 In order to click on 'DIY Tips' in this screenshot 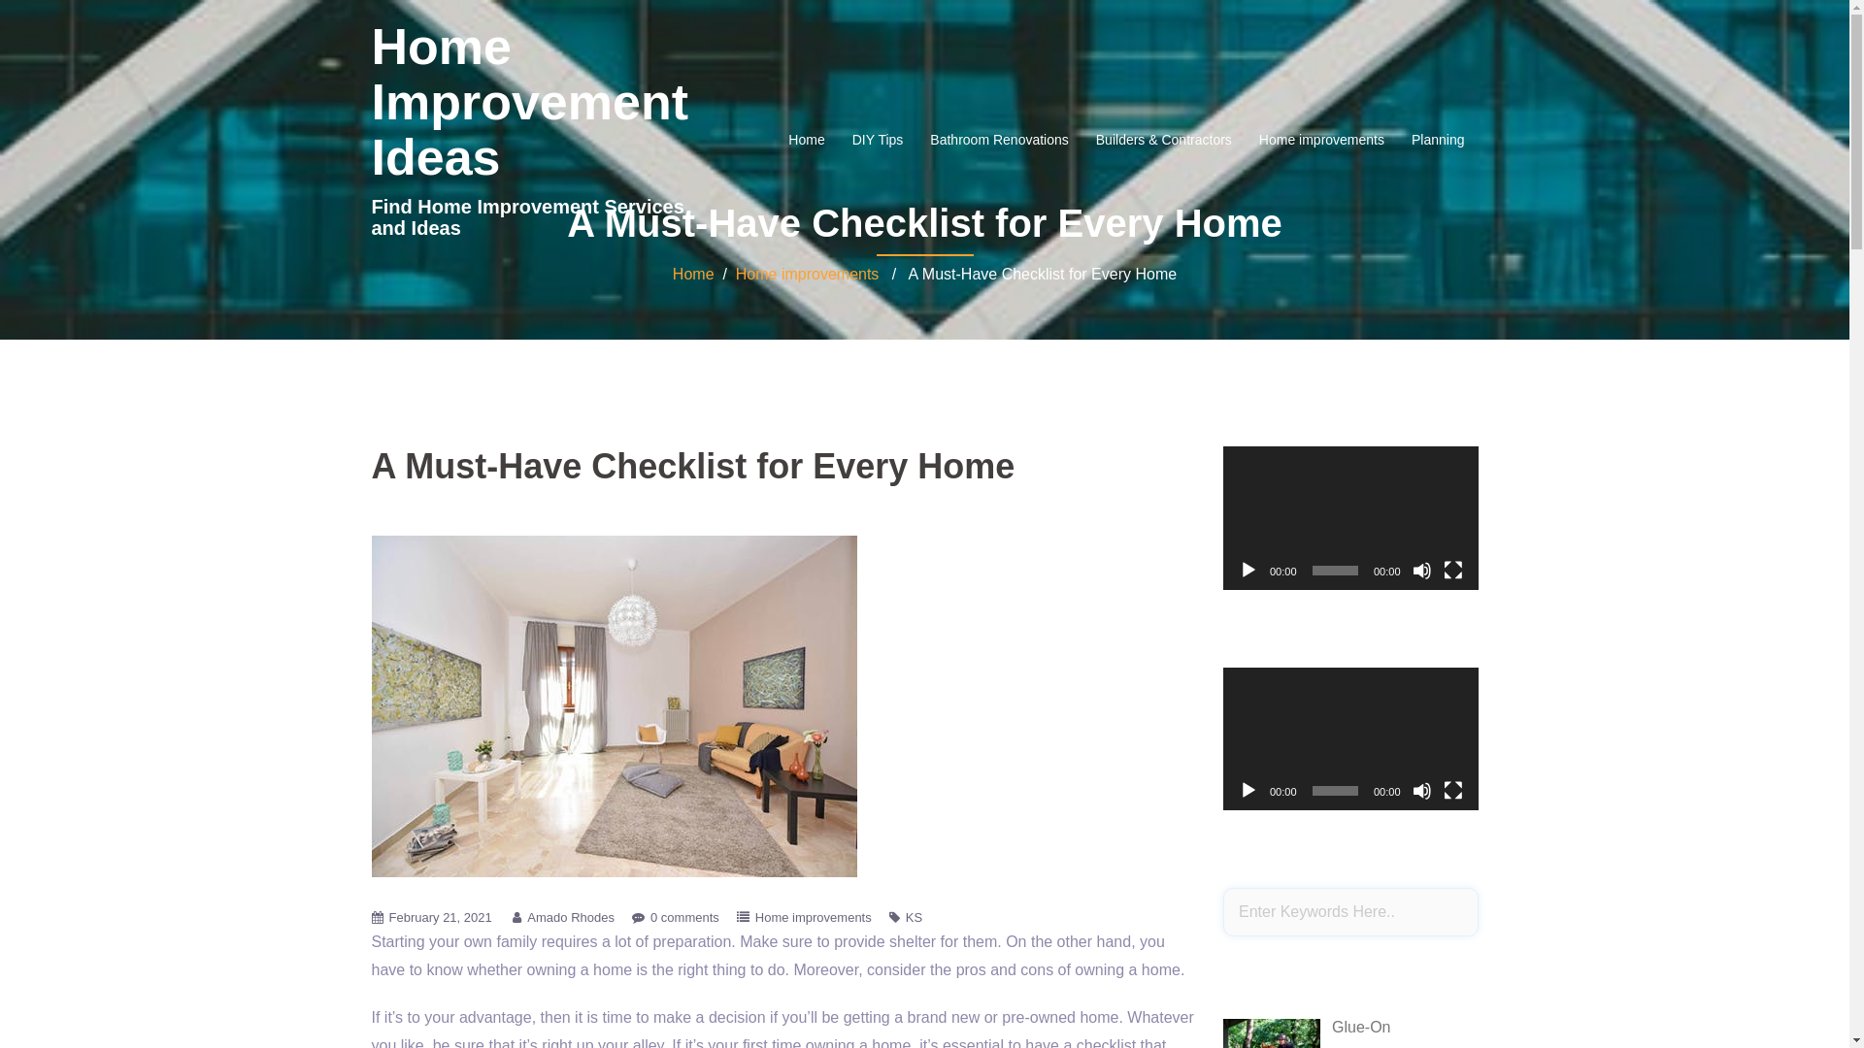, I will do `click(877, 139)`.